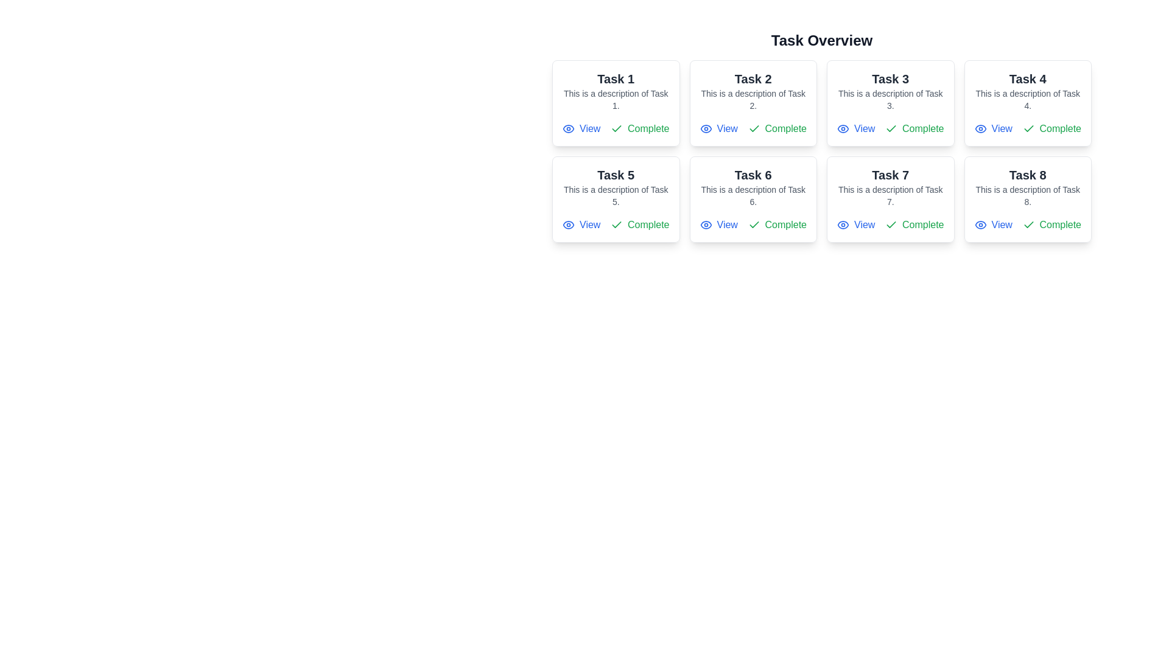  I want to click on the 'Complete' status icon located to the right of the 'View' button within the 'Task 4' card, so click(1028, 129).